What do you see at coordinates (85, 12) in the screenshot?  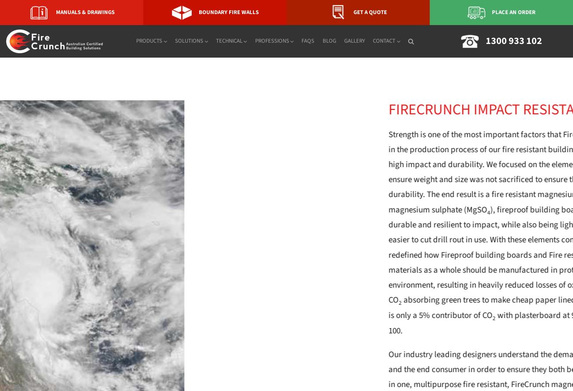 I see `'MANUALS & DRAWINGS'` at bounding box center [85, 12].